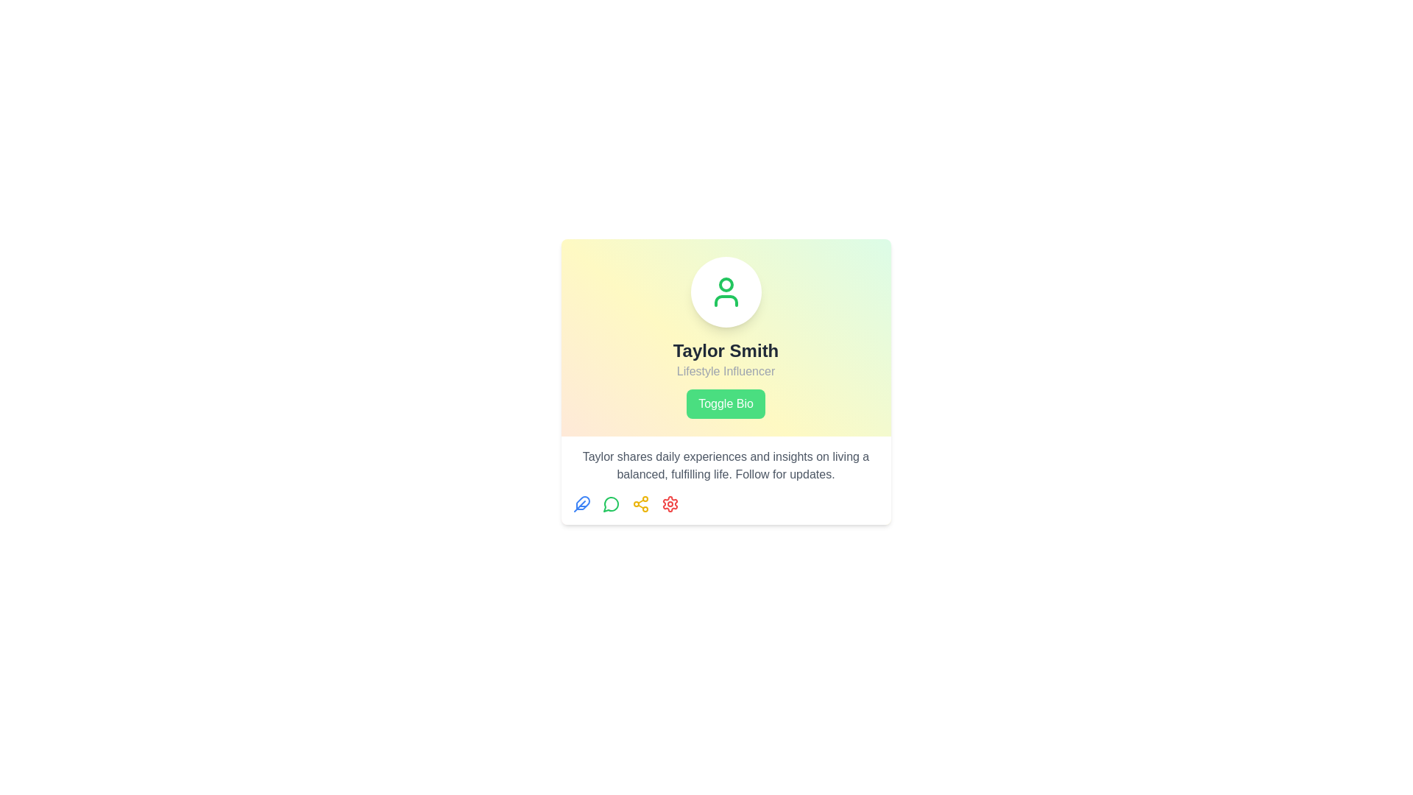 This screenshot has width=1413, height=795. Describe the element at coordinates (726, 351) in the screenshot. I see `the bold text label reading 'Taylor Smith' for copying` at that location.